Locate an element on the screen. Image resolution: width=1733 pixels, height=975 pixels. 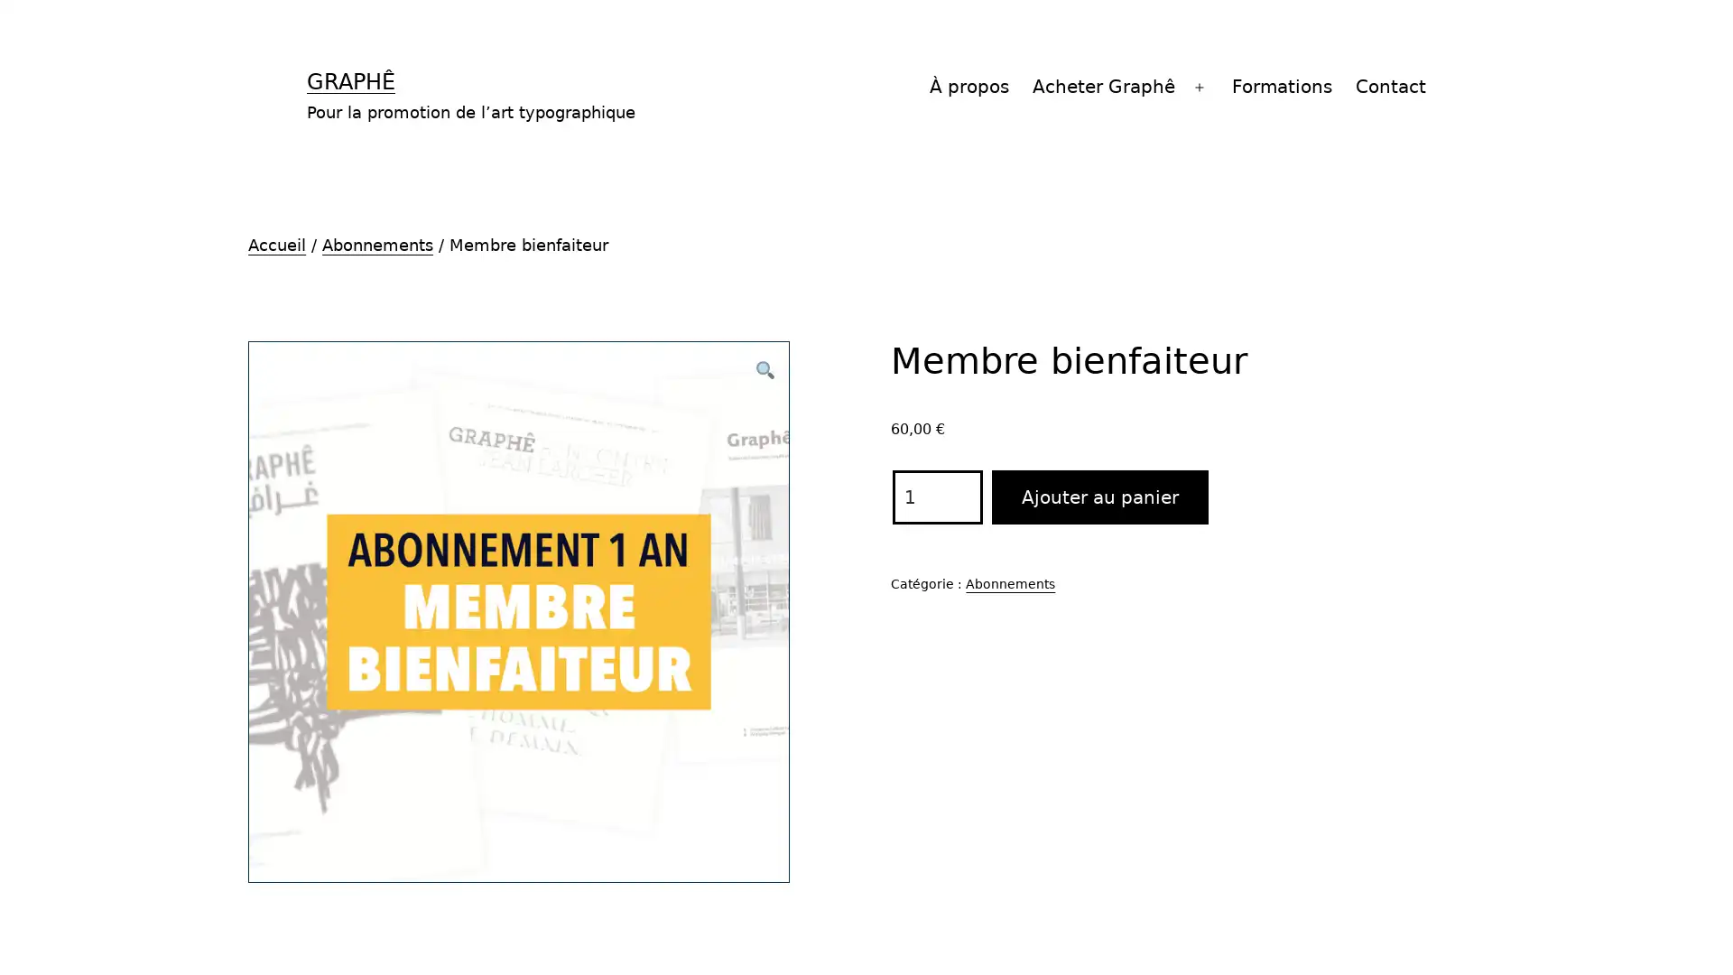
Ouvrir le menu is located at coordinates (1200, 87).